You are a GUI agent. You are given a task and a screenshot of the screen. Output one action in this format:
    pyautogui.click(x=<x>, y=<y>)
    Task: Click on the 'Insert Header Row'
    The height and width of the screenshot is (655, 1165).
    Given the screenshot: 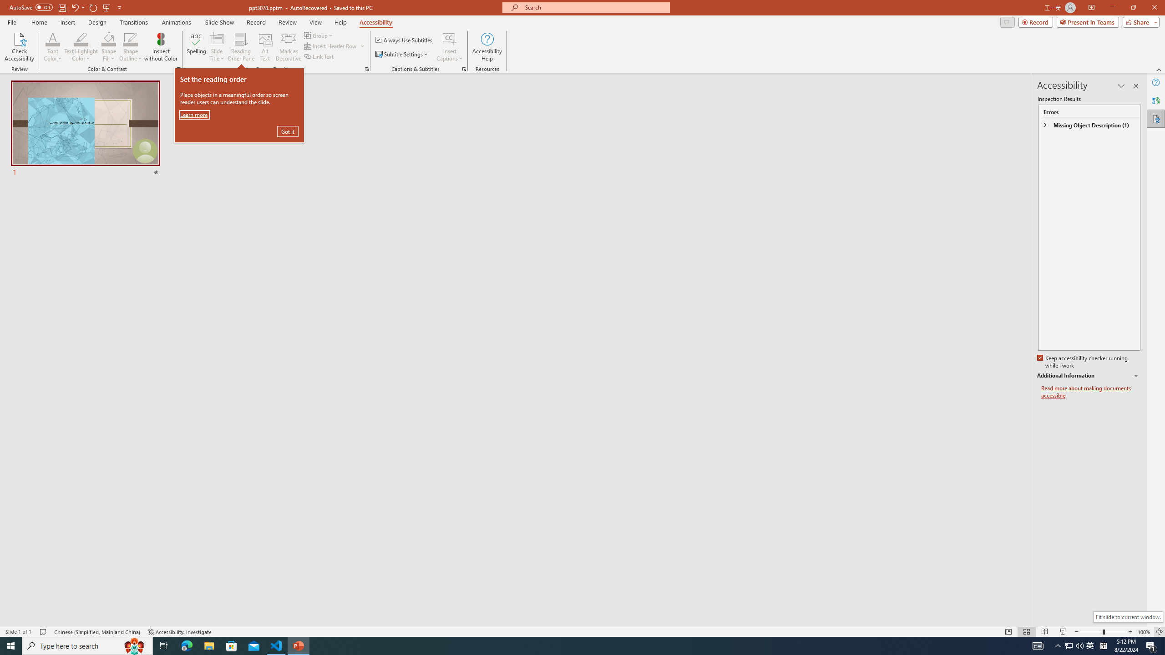 What is the action you would take?
    pyautogui.click(x=334, y=45)
    